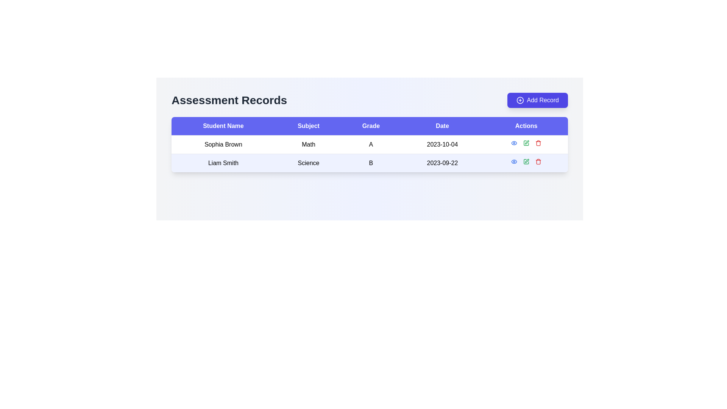  I want to click on the header labeled 'Grade' which is the third item from the left in the toolbar, positioned between 'Subject' and 'Date', so click(371, 126).